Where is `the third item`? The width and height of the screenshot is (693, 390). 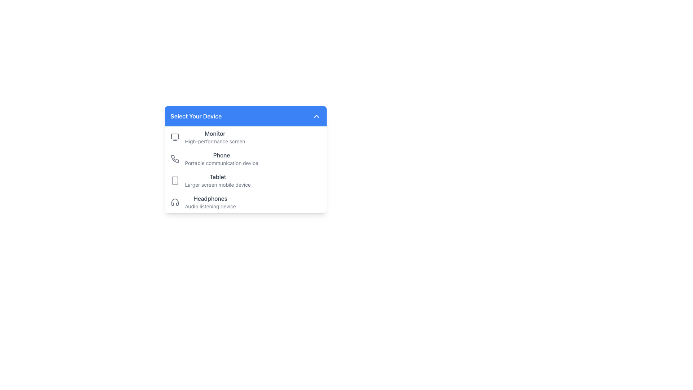 the third item is located at coordinates (245, 180).